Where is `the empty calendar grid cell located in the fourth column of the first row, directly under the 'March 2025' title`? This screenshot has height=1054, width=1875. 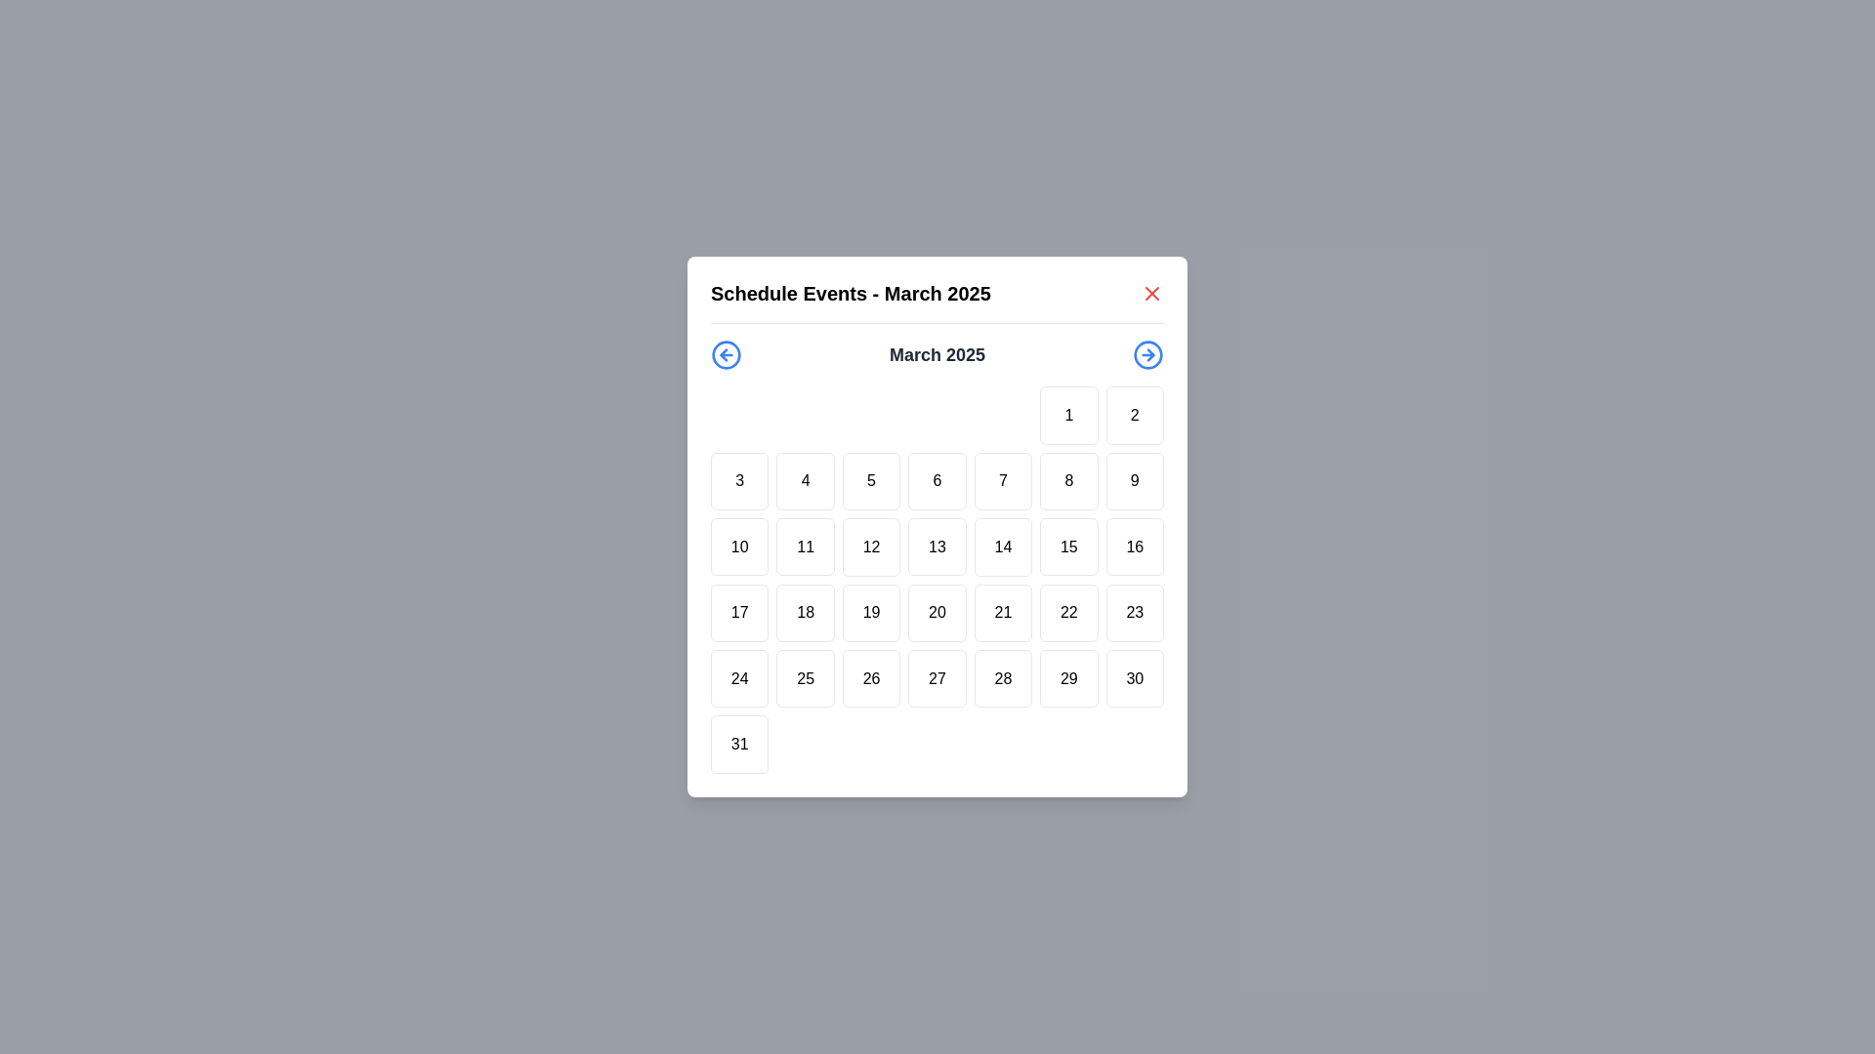 the empty calendar grid cell located in the fourth column of the first row, directly under the 'March 2025' title is located at coordinates (937, 414).